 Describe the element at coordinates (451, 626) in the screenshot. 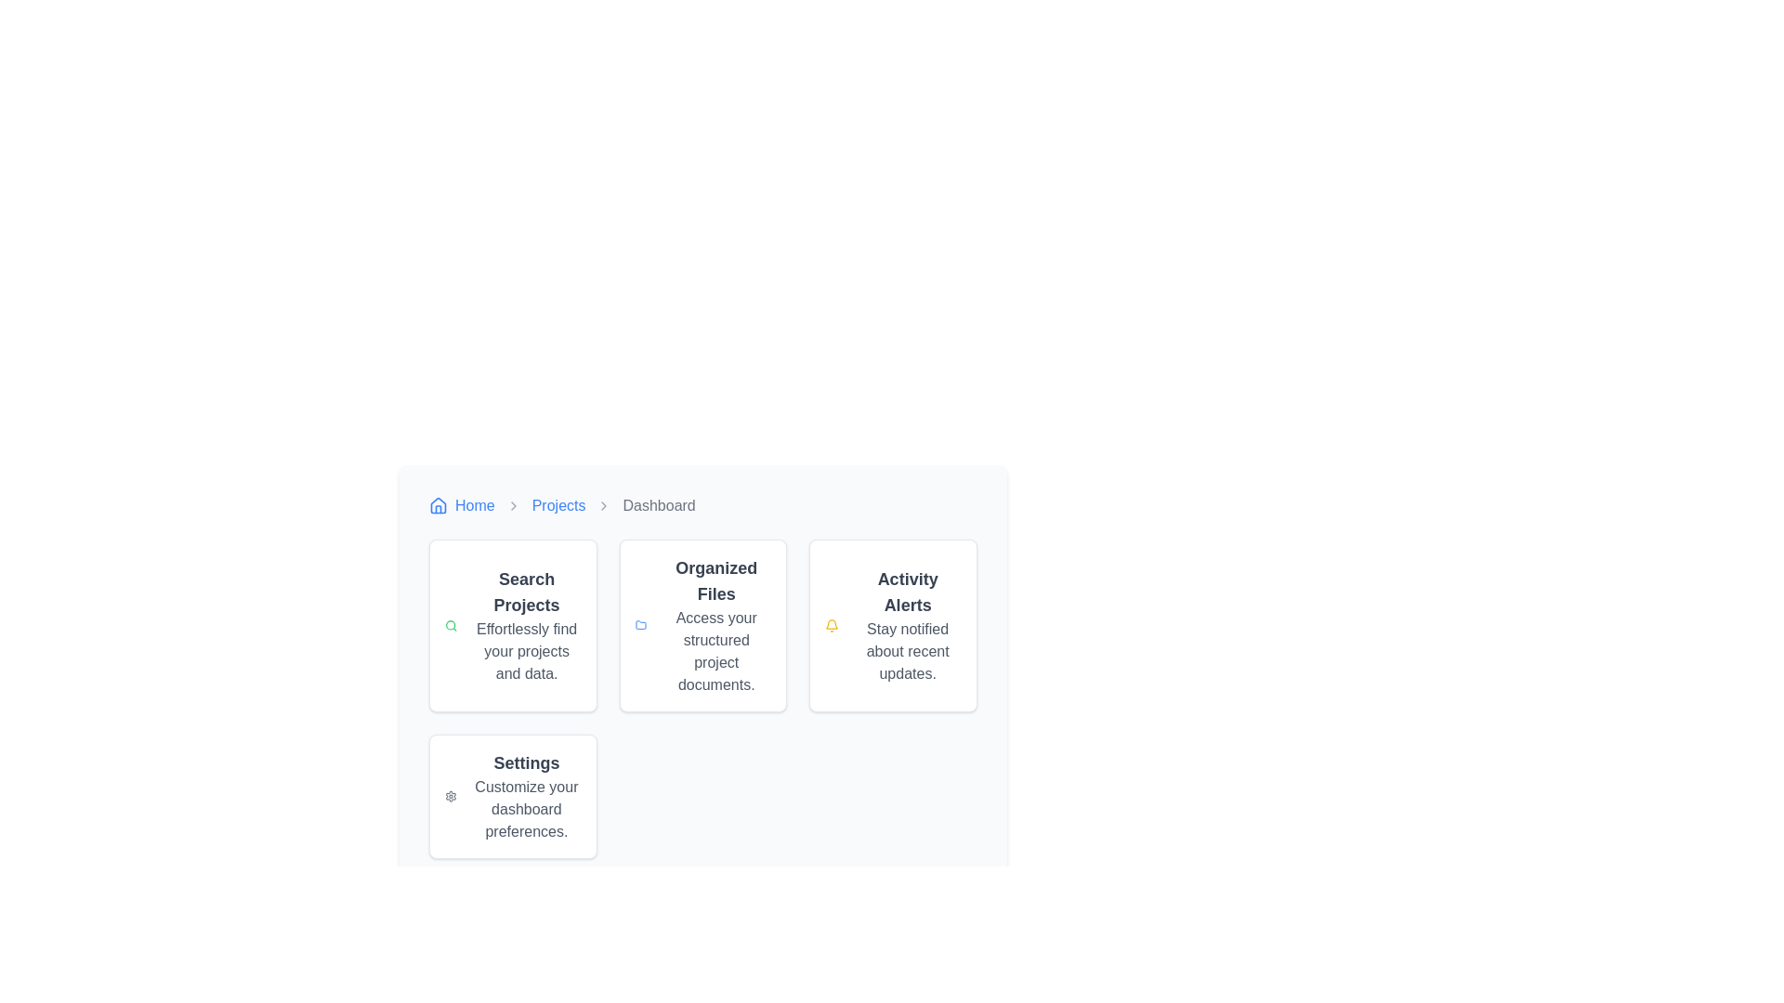

I see `the search icon located in the top-left area of the 'Search Projects' card, which enhances the meaning of the card's title and subtitle` at that location.